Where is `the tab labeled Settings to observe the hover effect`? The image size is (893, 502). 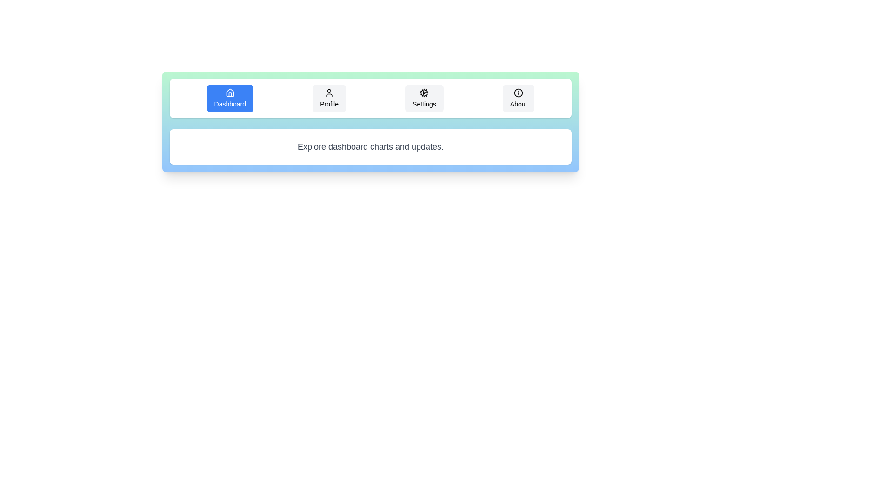 the tab labeled Settings to observe the hover effect is located at coordinates (424, 99).